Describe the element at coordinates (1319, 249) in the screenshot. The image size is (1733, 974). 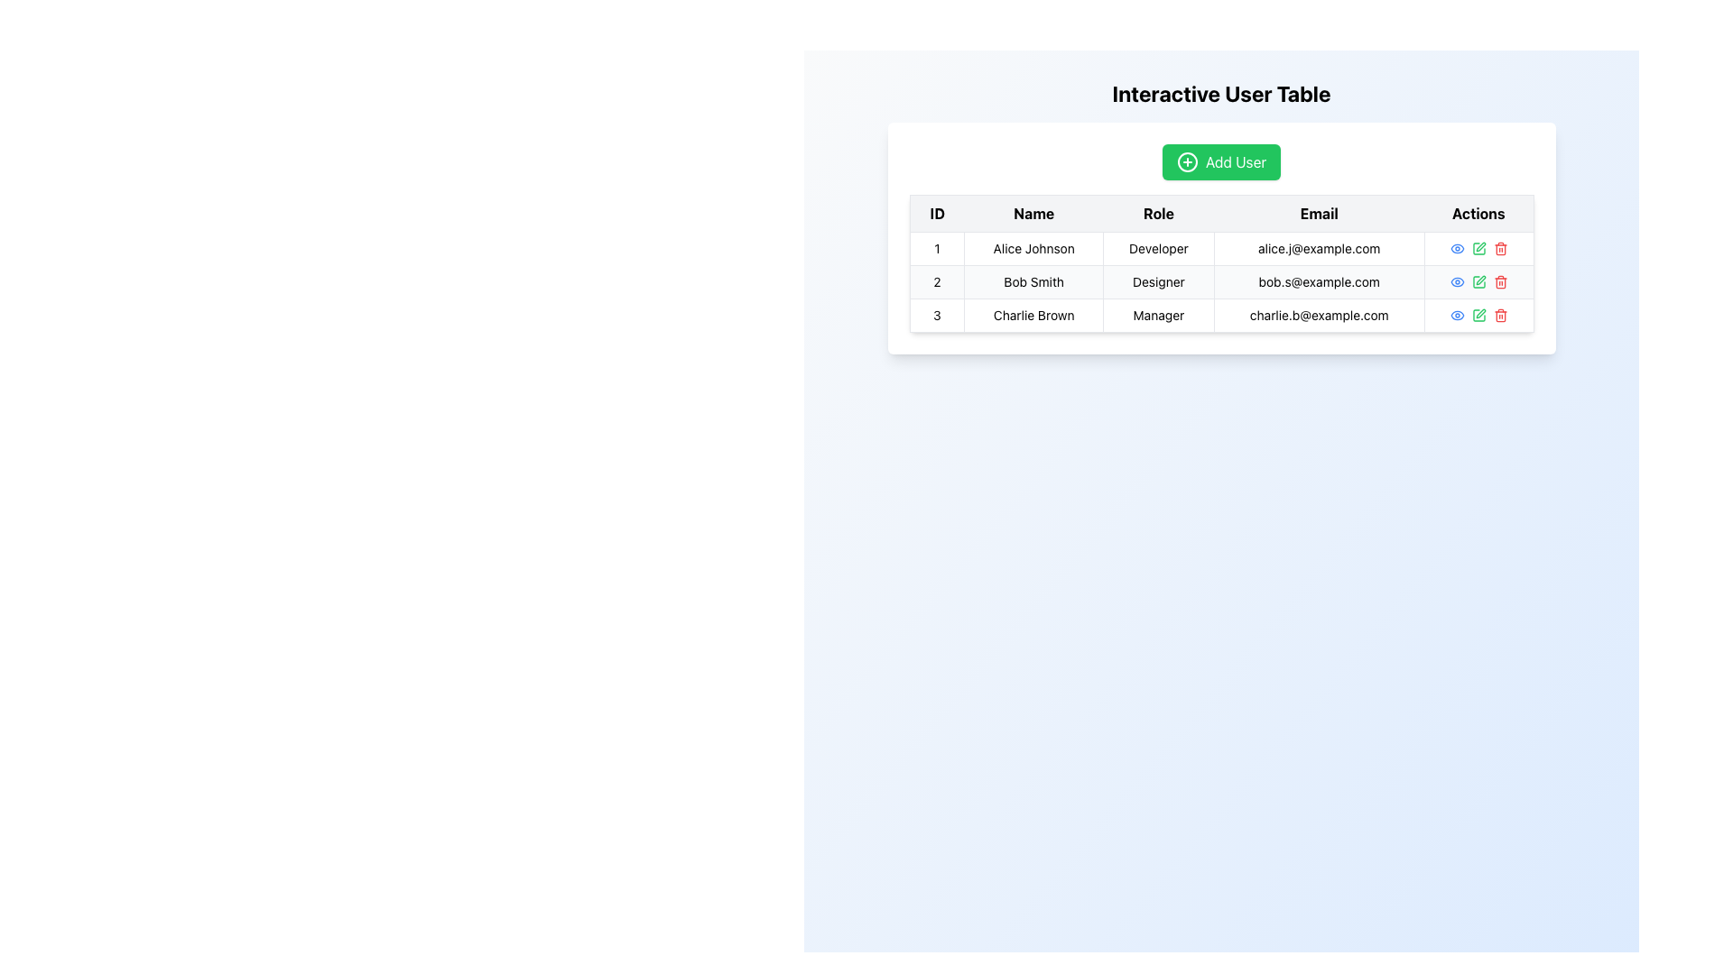
I see `the email address text element displaying 'Alice Johnson' located in the fourth cell of the first row of the table under the 'Email' header` at that location.